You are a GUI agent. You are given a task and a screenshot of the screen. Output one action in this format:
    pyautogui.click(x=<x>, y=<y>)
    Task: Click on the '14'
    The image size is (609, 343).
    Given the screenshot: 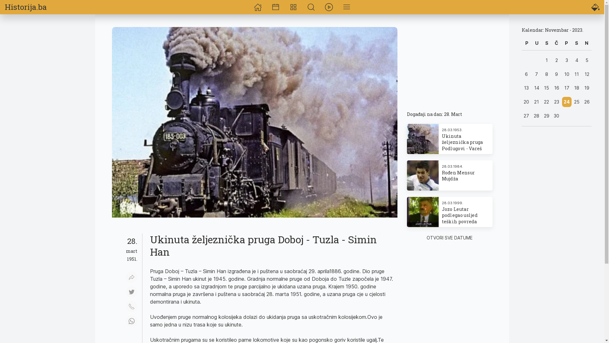 What is the action you would take?
    pyautogui.click(x=536, y=88)
    